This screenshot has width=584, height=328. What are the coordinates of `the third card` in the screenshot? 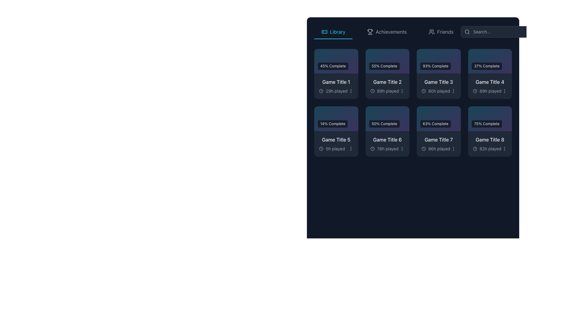 It's located at (439, 73).